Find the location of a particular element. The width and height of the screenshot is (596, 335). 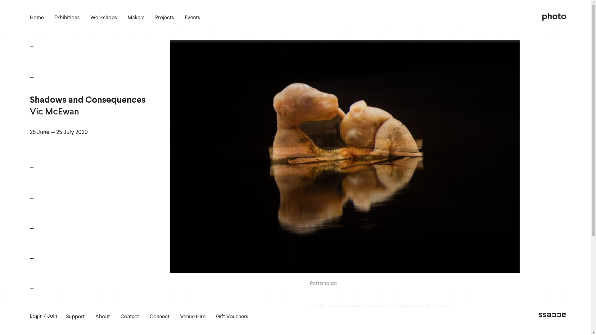

'Connect' is located at coordinates (149, 317).